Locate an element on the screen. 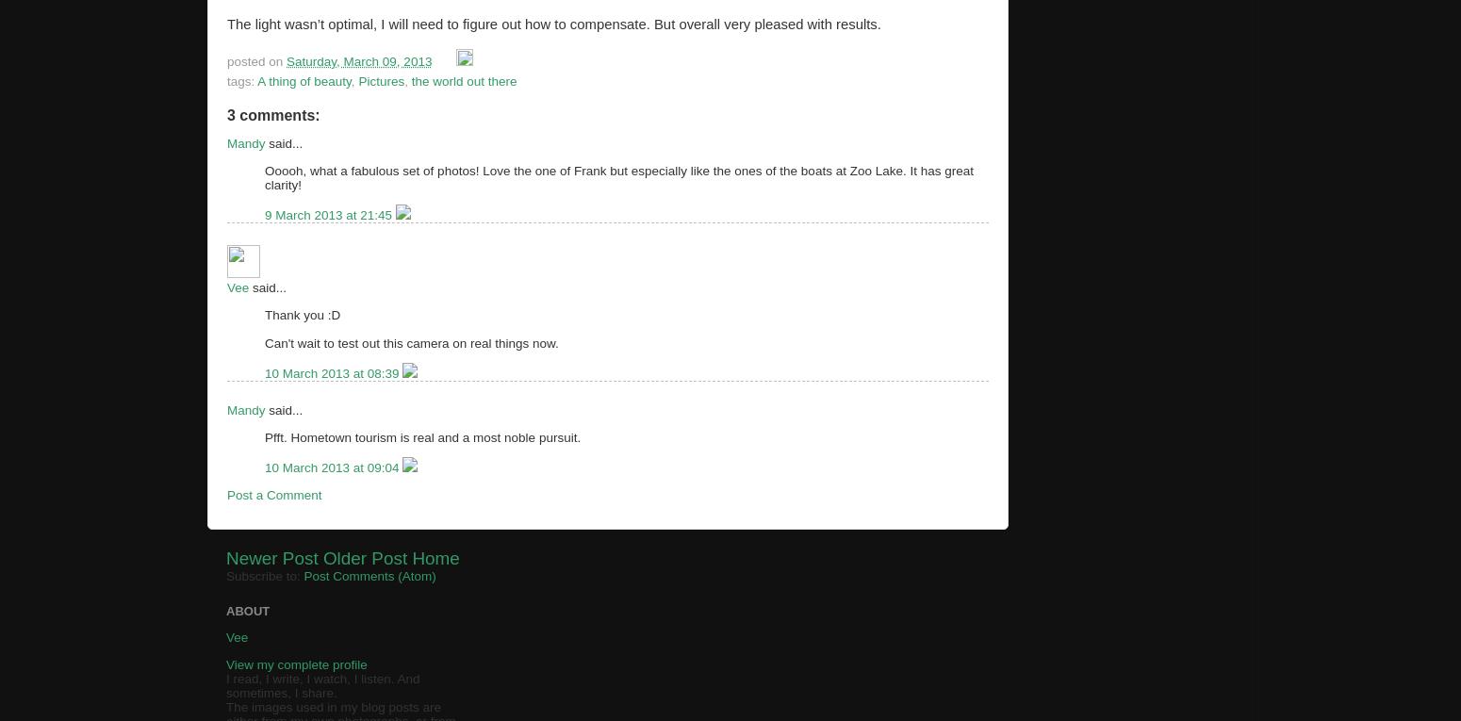 Image resolution: width=1461 pixels, height=721 pixels. 'Pictures' is located at coordinates (381, 80).